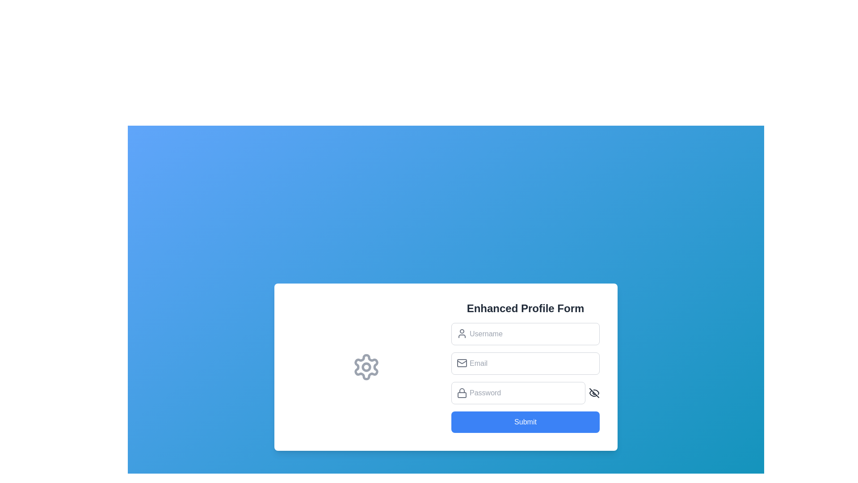 Image resolution: width=858 pixels, height=483 pixels. I want to click on the email icon located inside the email input field, positioned to the left of the placeholder text 'Email', so click(462, 363).